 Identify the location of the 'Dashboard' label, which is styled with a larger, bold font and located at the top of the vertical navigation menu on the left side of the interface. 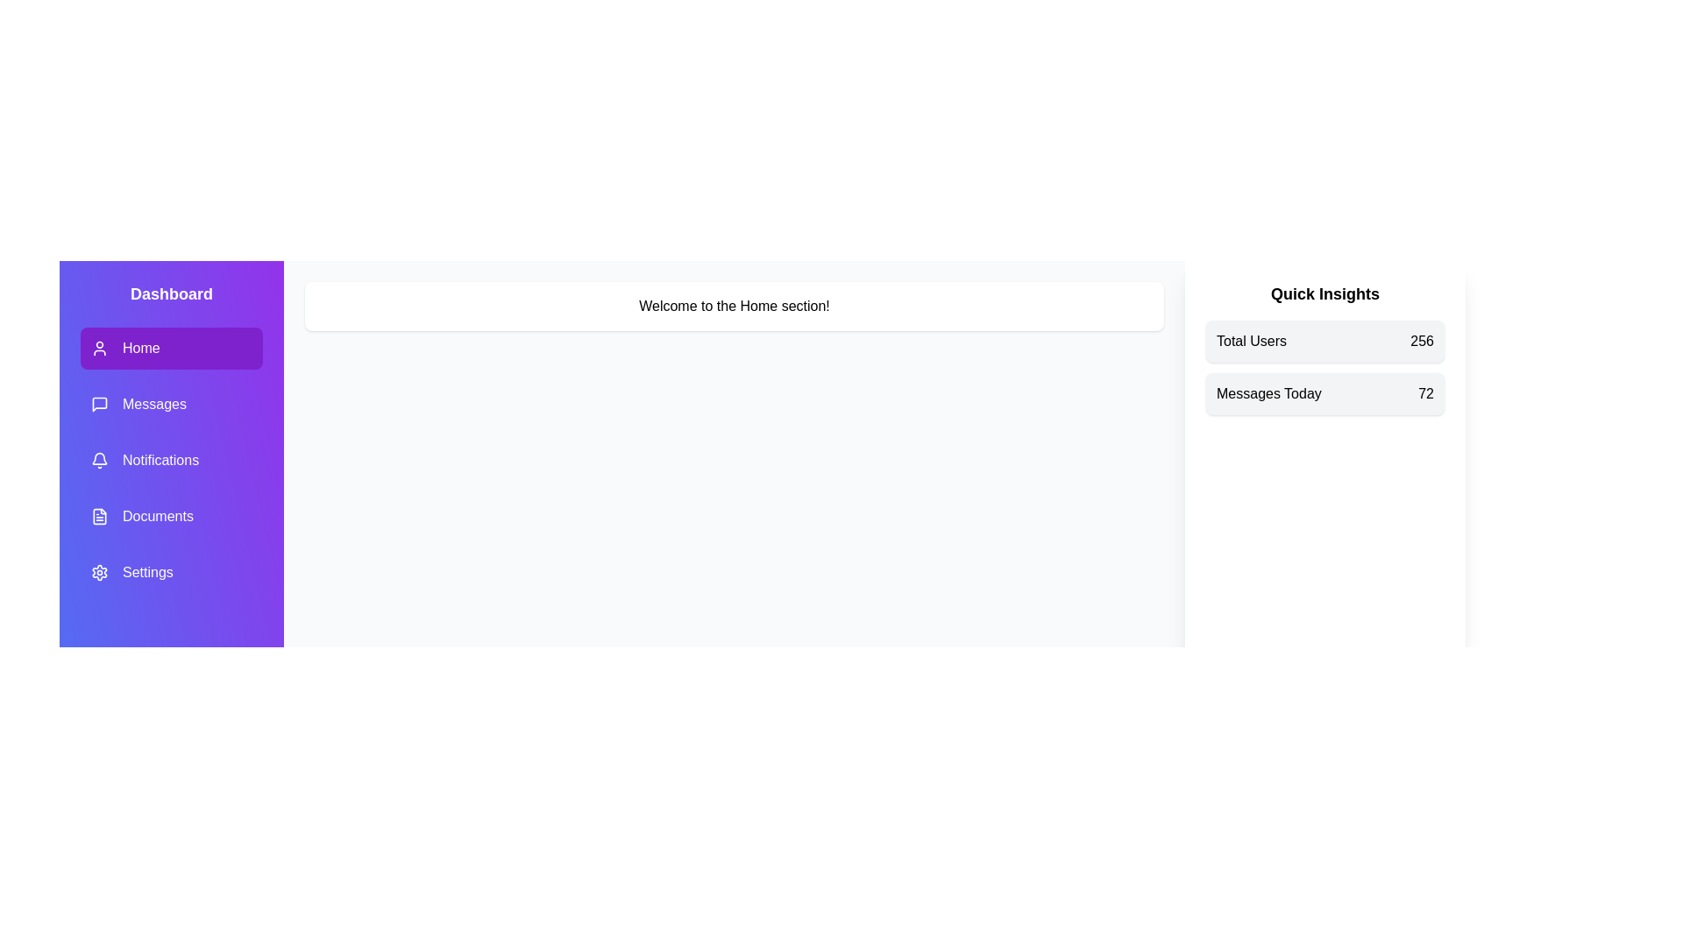
(172, 293).